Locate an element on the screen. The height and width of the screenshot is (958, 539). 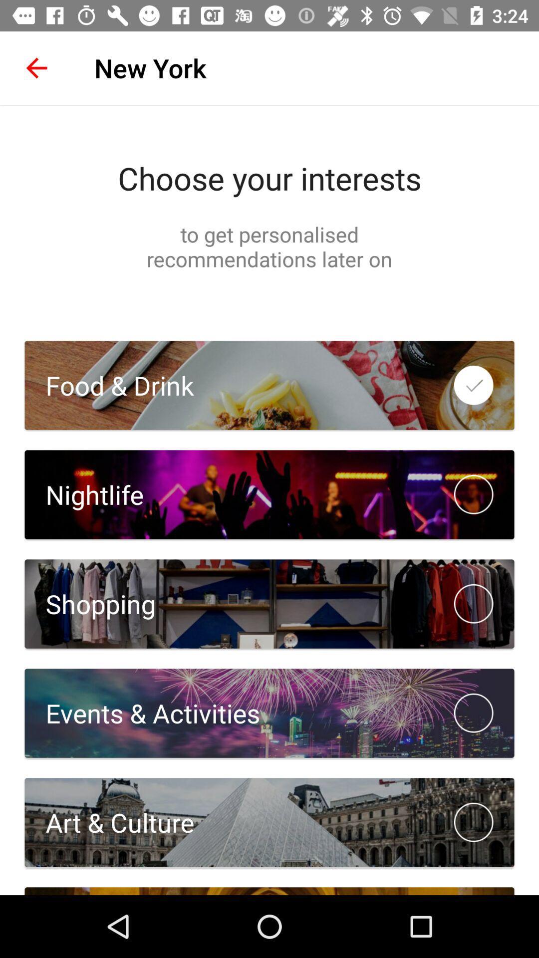
the second radio button from the top of the page is located at coordinates (473, 494).